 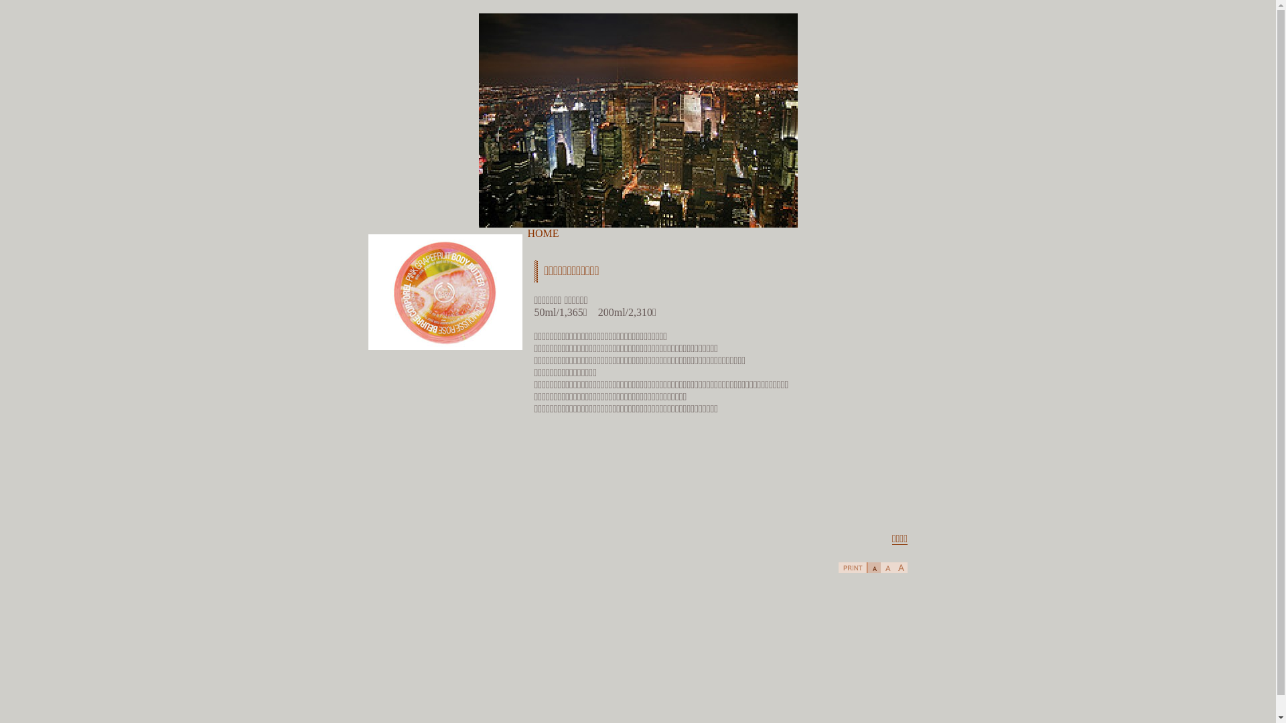 What do you see at coordinates (543, 232) in the screenshot?
I see `'HOME'` at bounding box center [543, 232].